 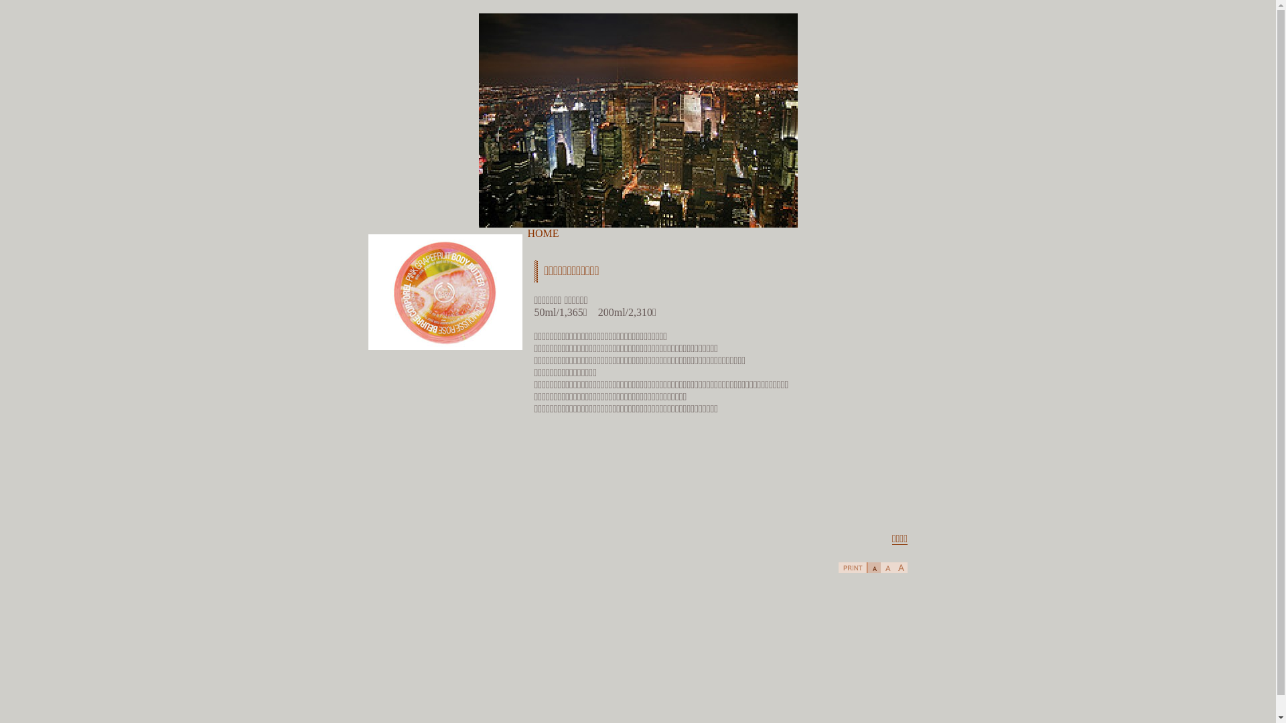 What do you see at coordinates (543, 232) in the screenshot?
I see `'HOME'` at bounding box center [543, 232].